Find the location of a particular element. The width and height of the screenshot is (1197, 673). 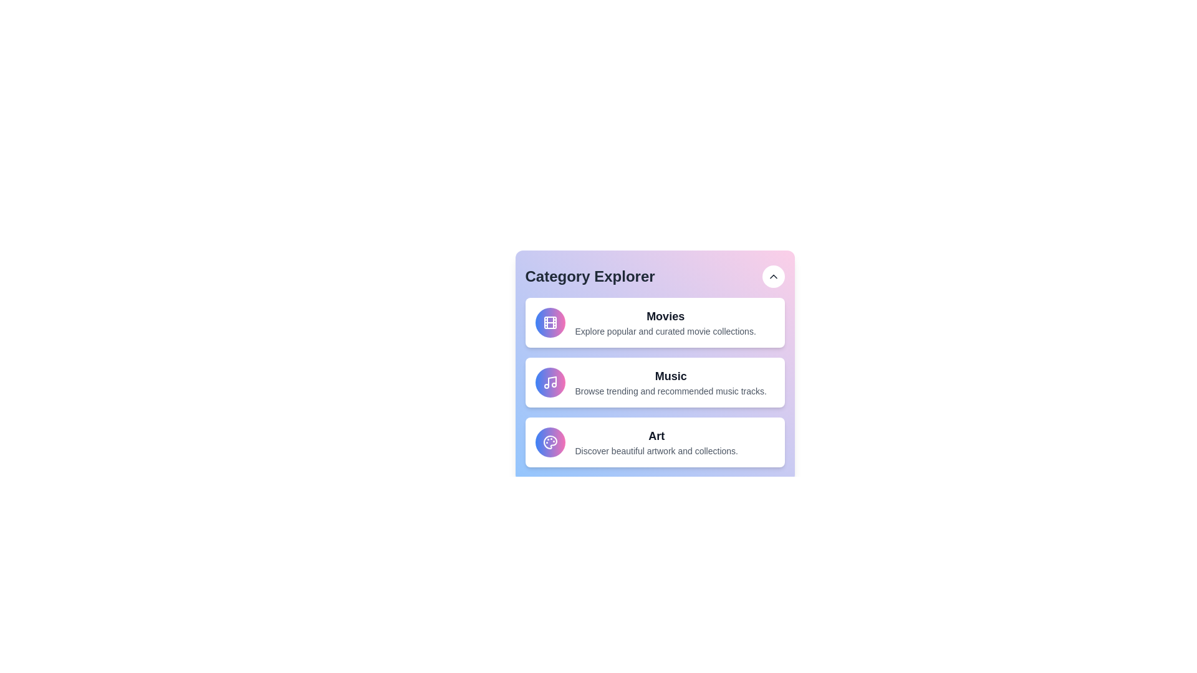

the icon of the Art category is located at coordinates (549, 441).